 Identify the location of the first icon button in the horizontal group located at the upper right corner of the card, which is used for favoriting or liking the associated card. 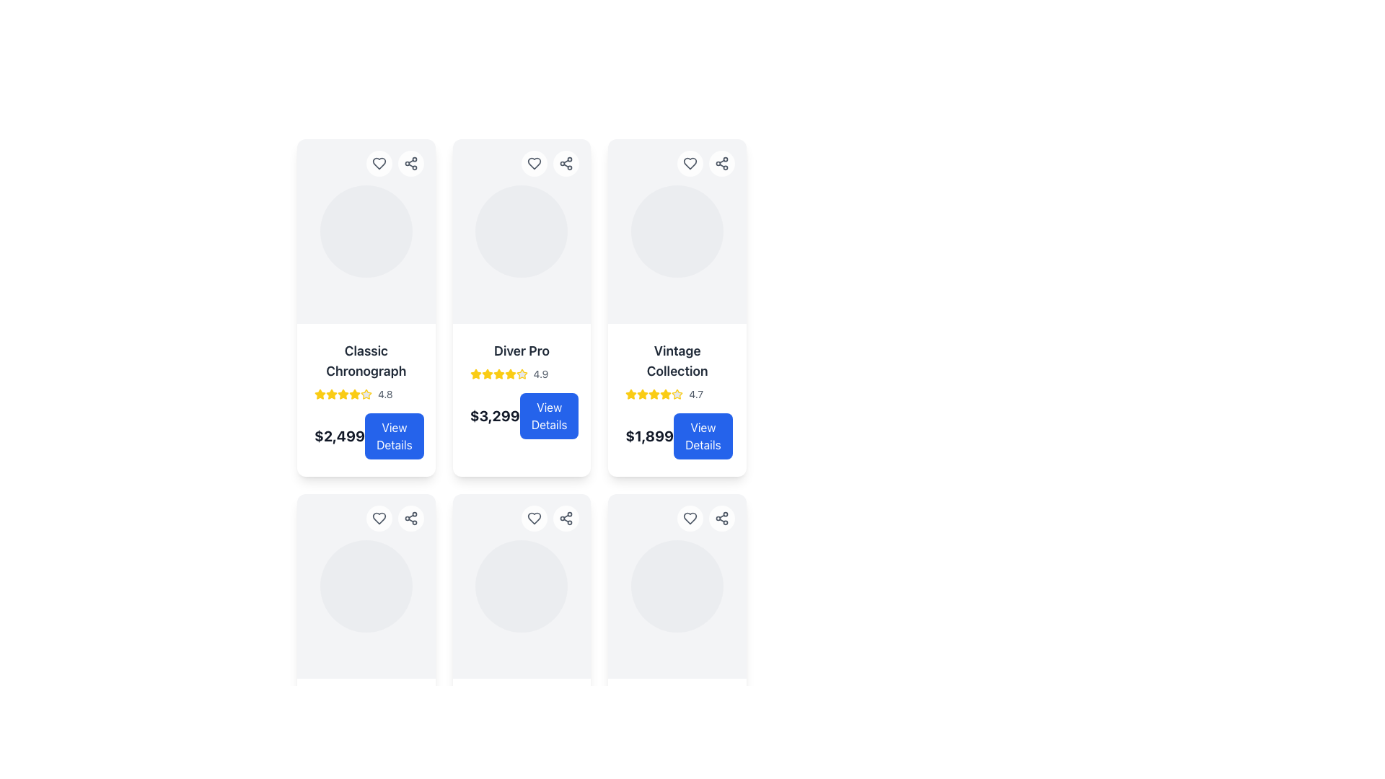
(534, 517).